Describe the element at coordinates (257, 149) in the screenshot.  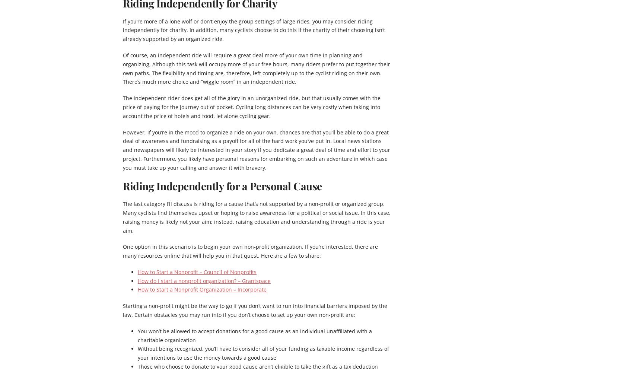
I see `'However, if you’re in the mood to organize a ride on your own, chances are that you’ll be able to do a great deal of awareness and fundraising as a payoff for all of the hard work you’ve put in. Local news stations and newspapers will likely be interested in your story if you dedicate a great deal of time and effort to your project. Furthermore, you likely have personal reasons for embarking on such an adventure in which case you must take up your calling and answer it with bravery.'` at that location.